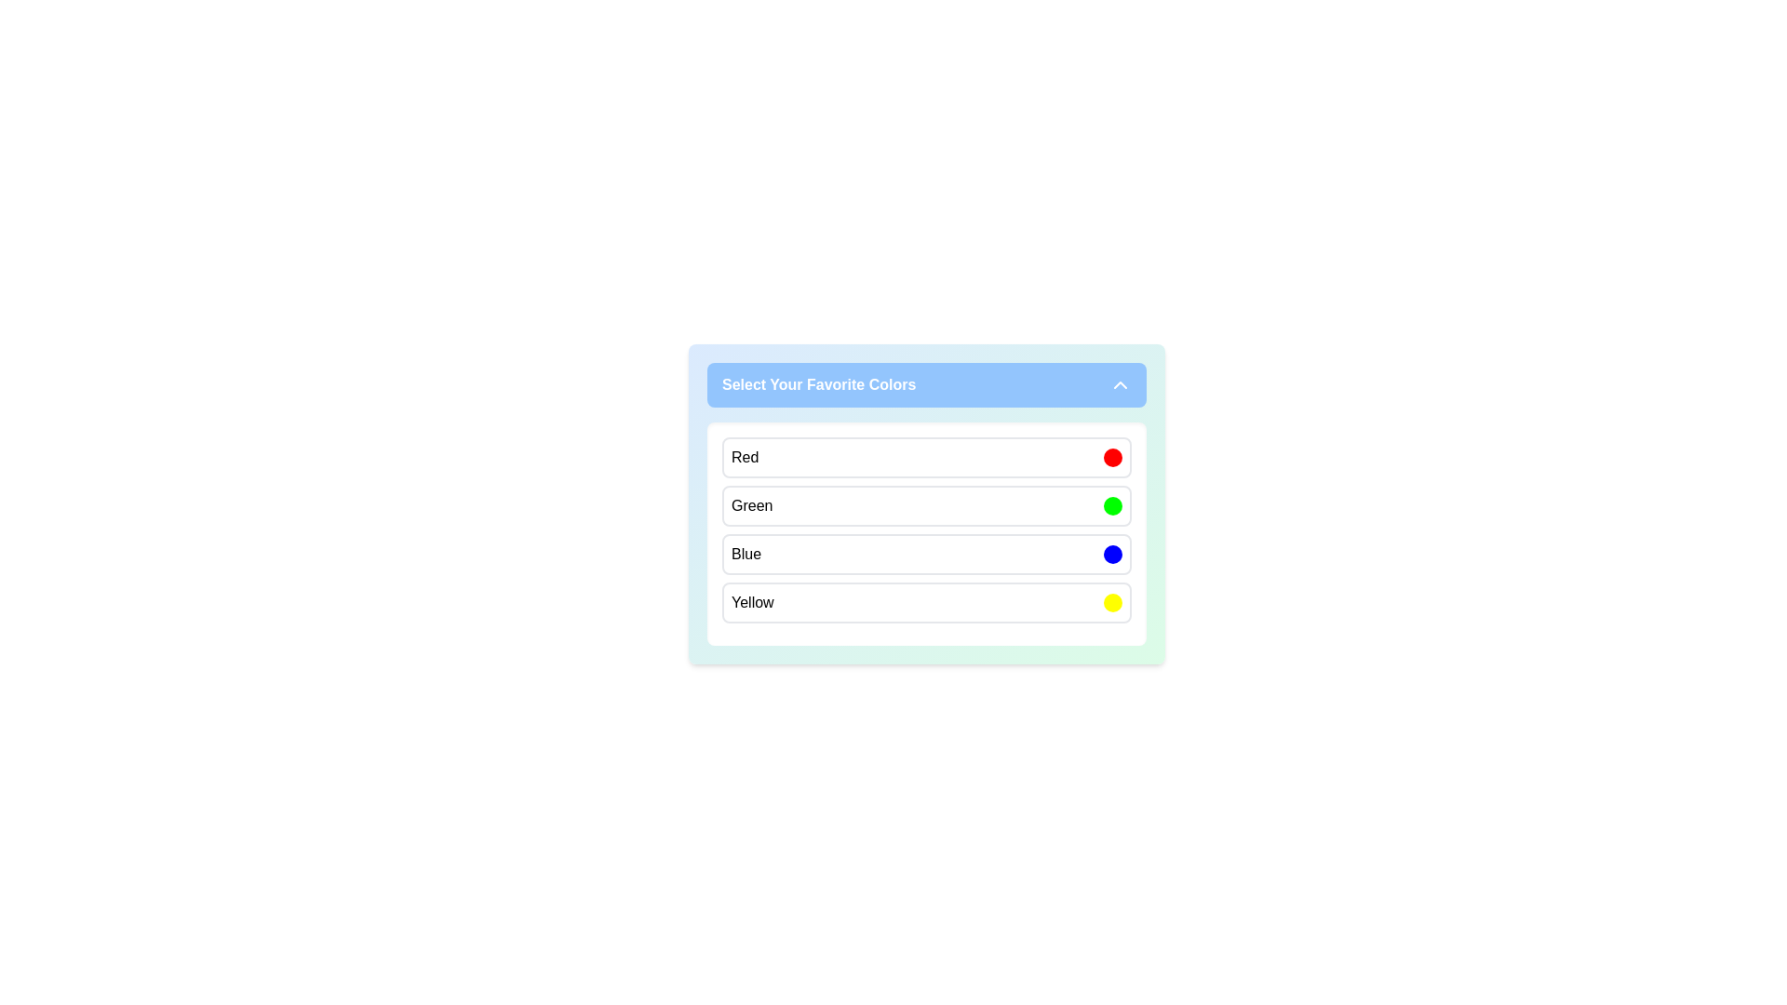 This screenshot has width=1787, height=1005. Describe the element at coordinates (927, 458) in the screenshot. I see `the first selectable list item labeled 'Red'` at that location.